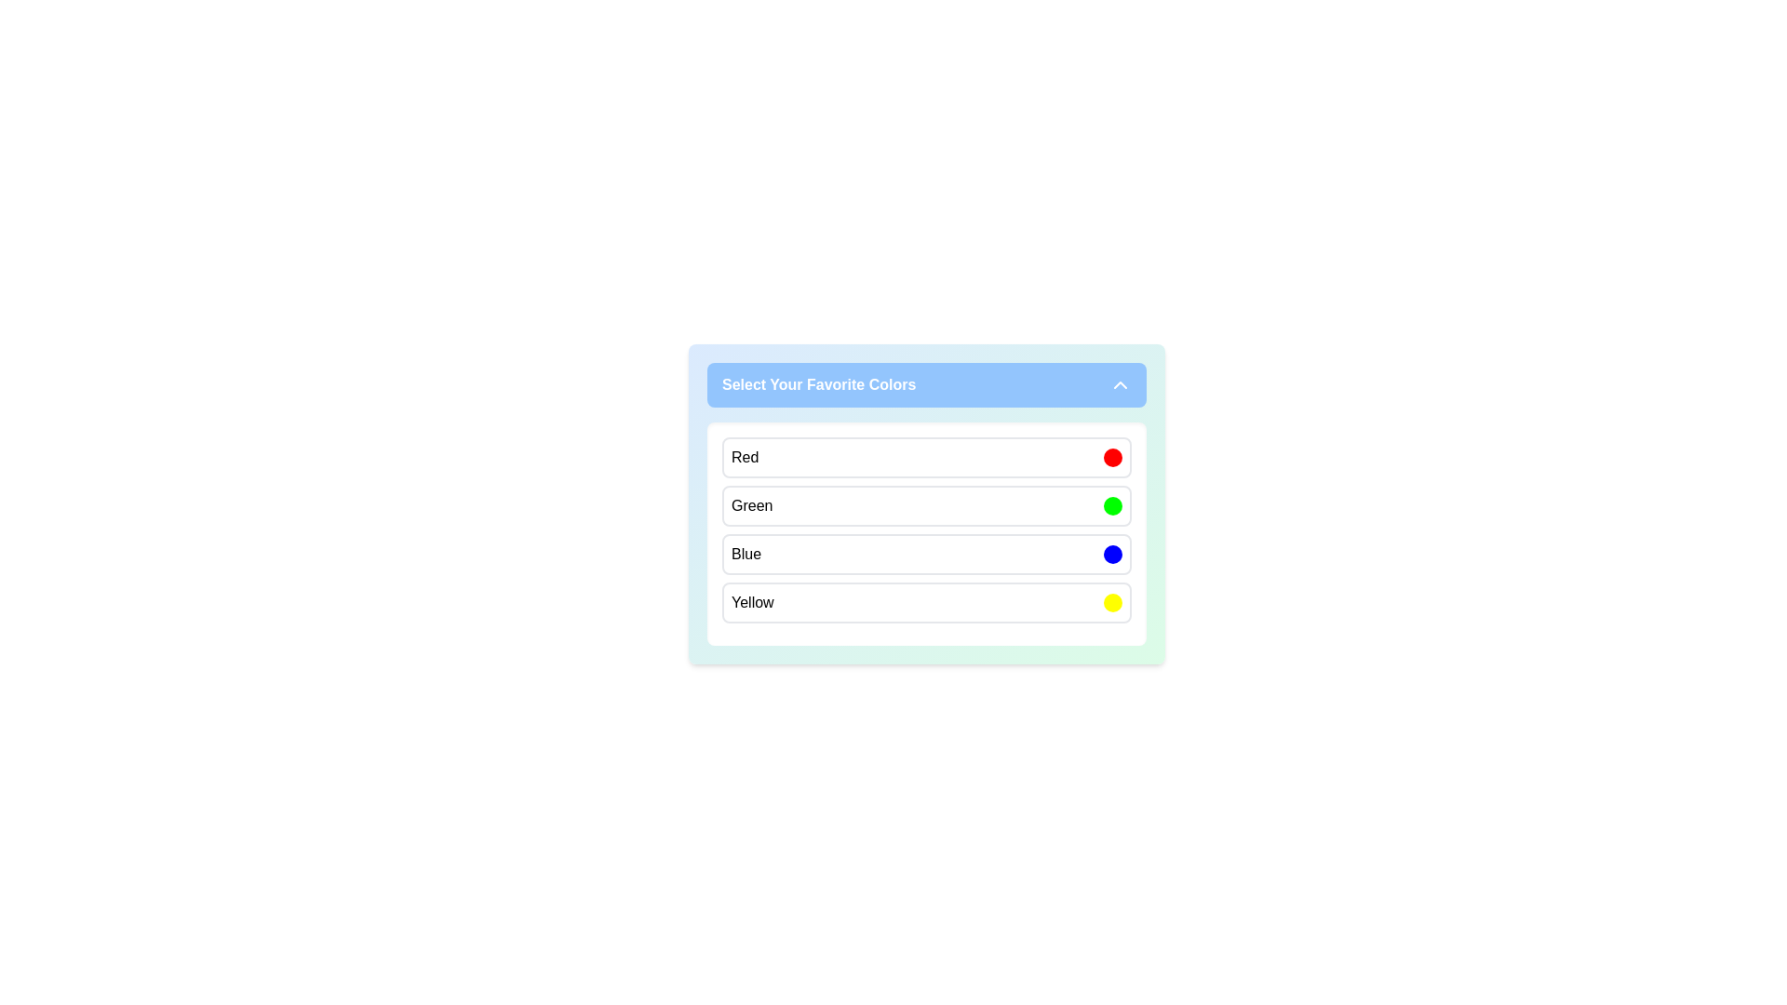 This screenshot has width=1787, height=1005. Describe the element at coordinates (927, 458) in the screenshot. I see `the first selectable list item labeled 'Red'` at that location.